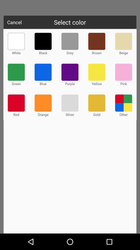 This screenshot has height=250, width=140. Describe the element at coordinates (14, 22) in the screenshot. I see `item to the left of select color item` at that location.